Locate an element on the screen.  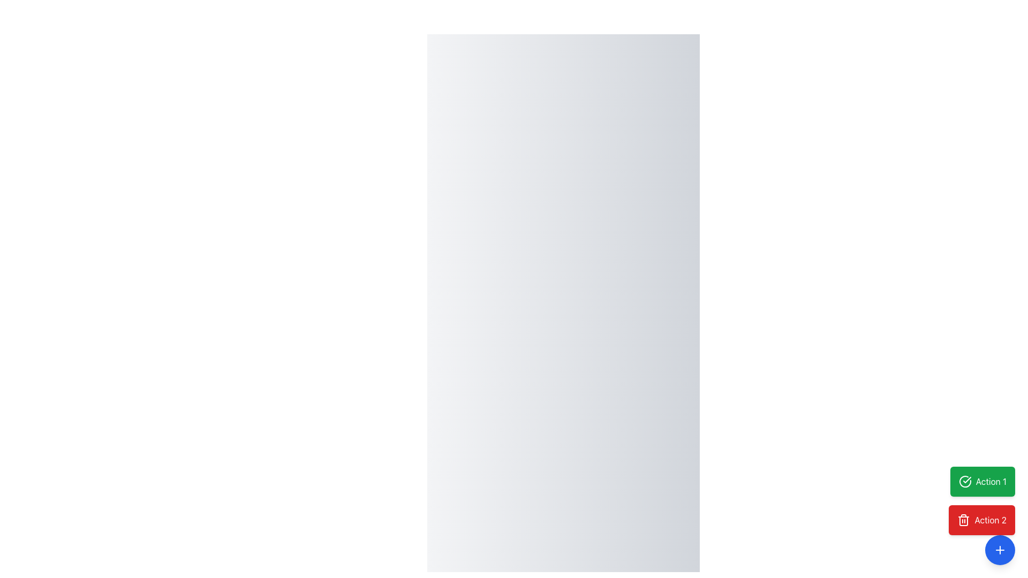
the green button labeled 'Action 1' with rounded edges and a checkmark icon is located at coordinates (991, 481).